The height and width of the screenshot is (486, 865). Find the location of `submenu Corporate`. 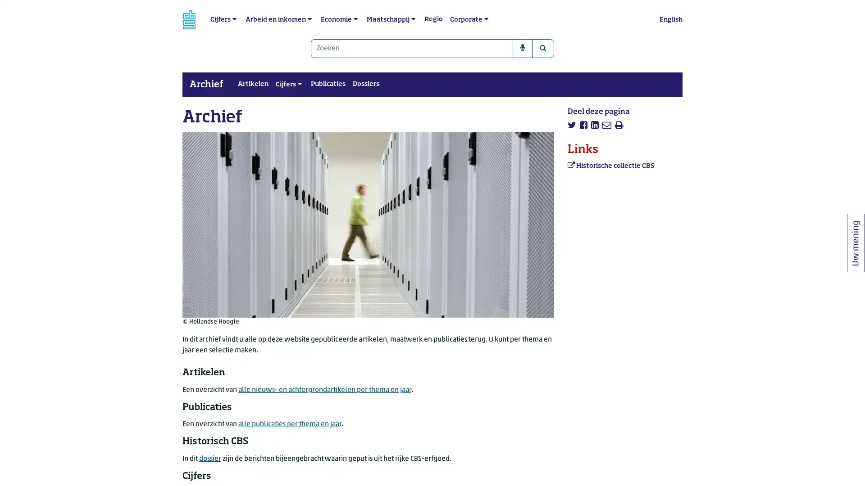

submenu Corporate is located at coordinates (486, 19).